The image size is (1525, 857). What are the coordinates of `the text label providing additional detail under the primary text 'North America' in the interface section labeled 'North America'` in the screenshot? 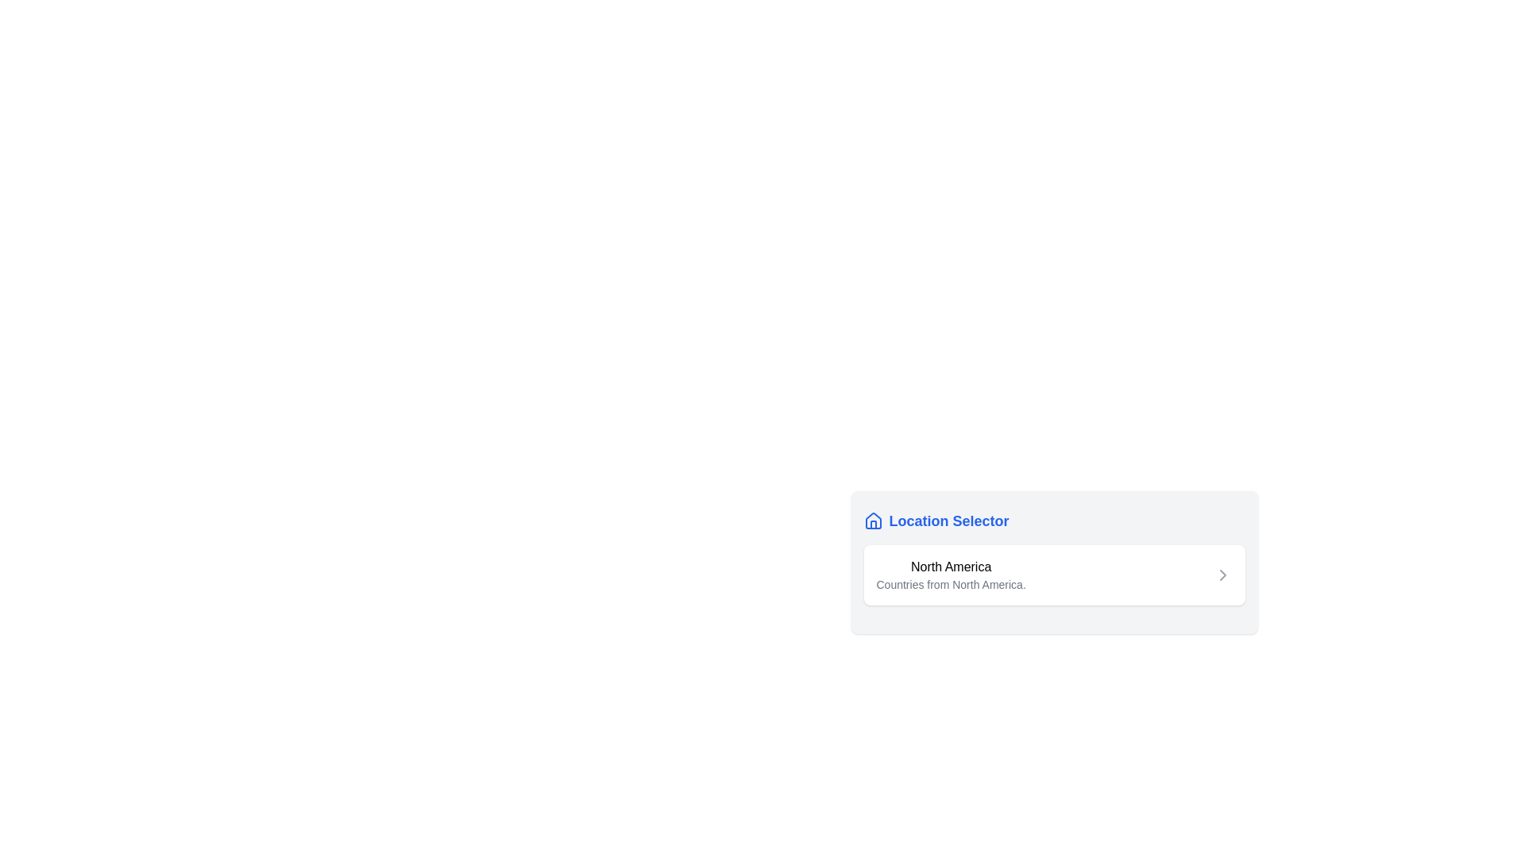 It's located at (951, 584).